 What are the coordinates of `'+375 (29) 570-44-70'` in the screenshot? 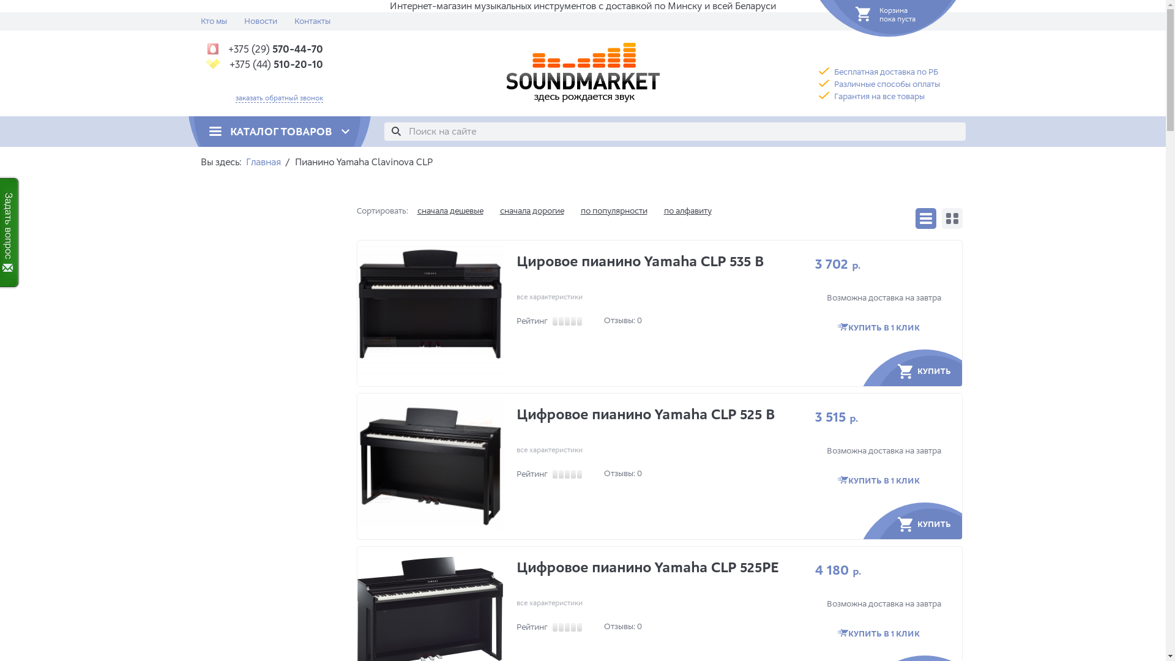 It's located at (261, 48).